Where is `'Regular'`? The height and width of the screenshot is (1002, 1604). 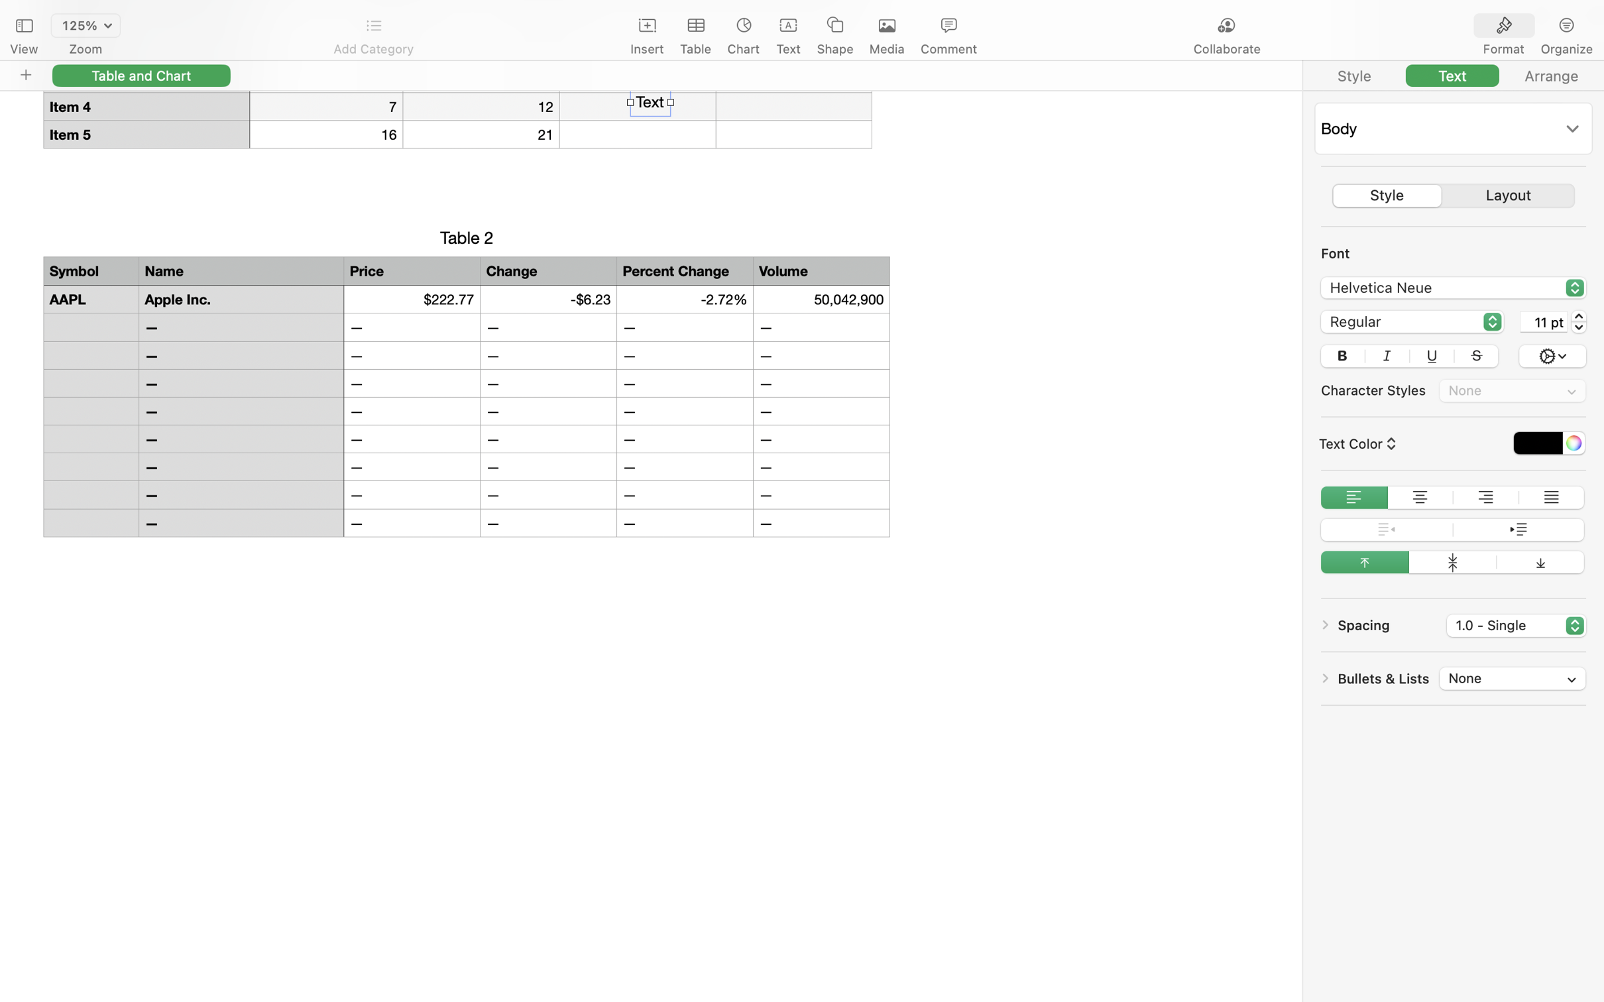
'Regular' is located at coordinates (1412, 323).